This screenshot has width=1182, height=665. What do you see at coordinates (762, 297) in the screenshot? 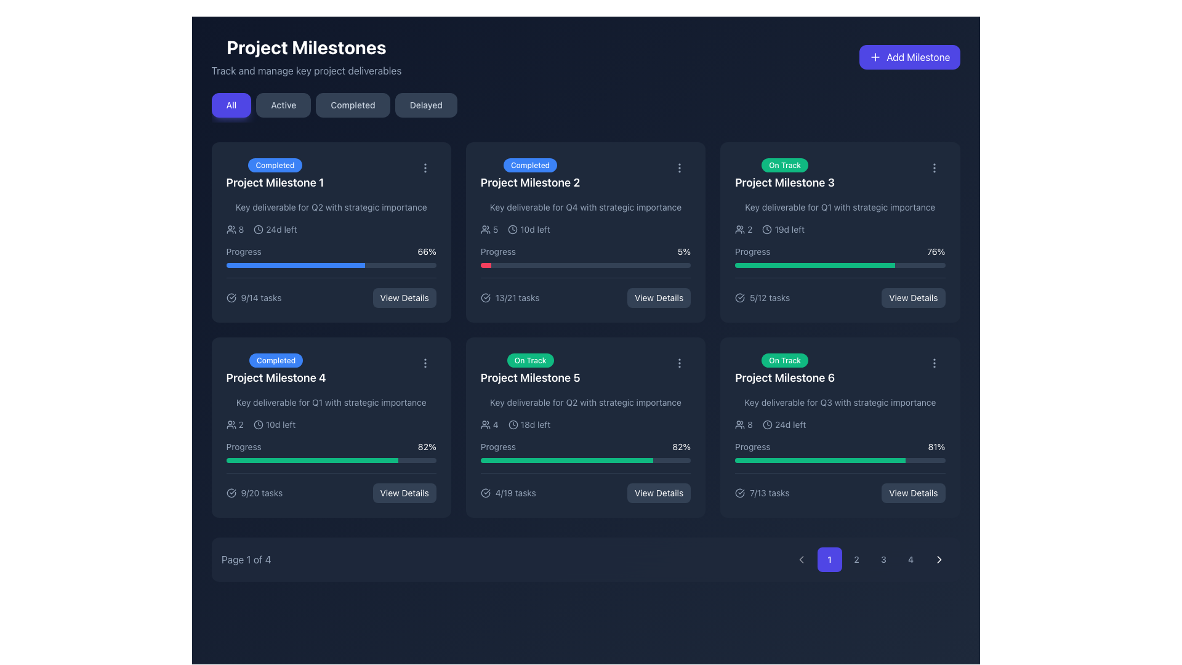
I see `the text label that indicates the number of tasks completed out of the total tasks for Project Milestone 3` at bounding box center [762, 297].